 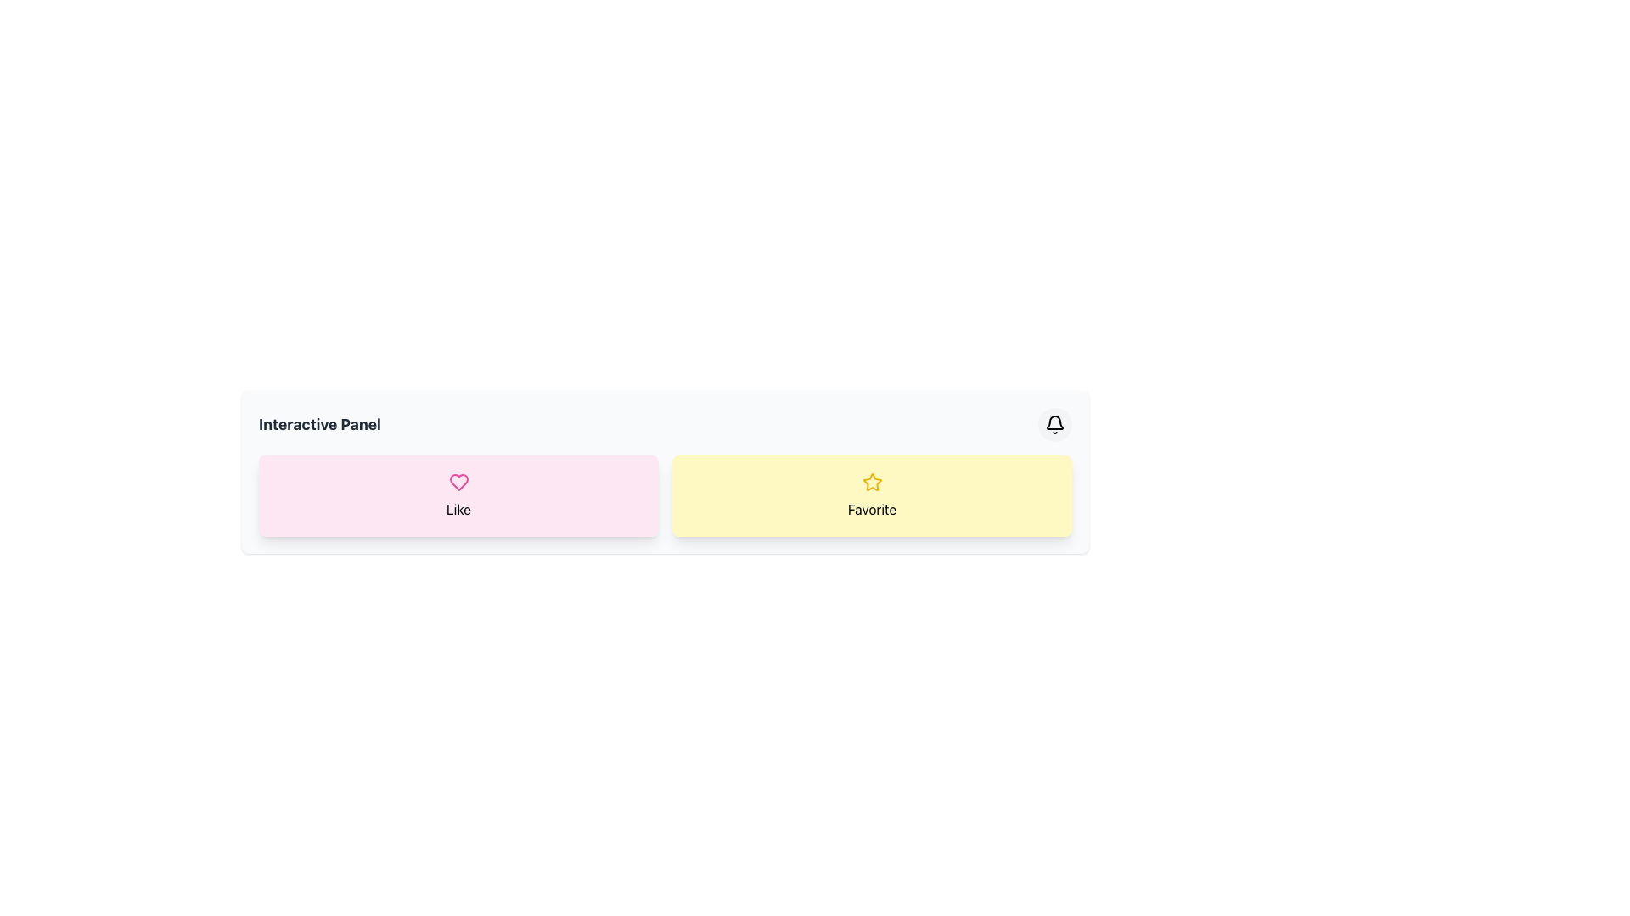 What do you see at coordinates (872, 483) in the screenshot?
I see `the yellow star icon with a hollow center, which is centered within the yellow 'Favorite' button` at bounding box center [872, 483].